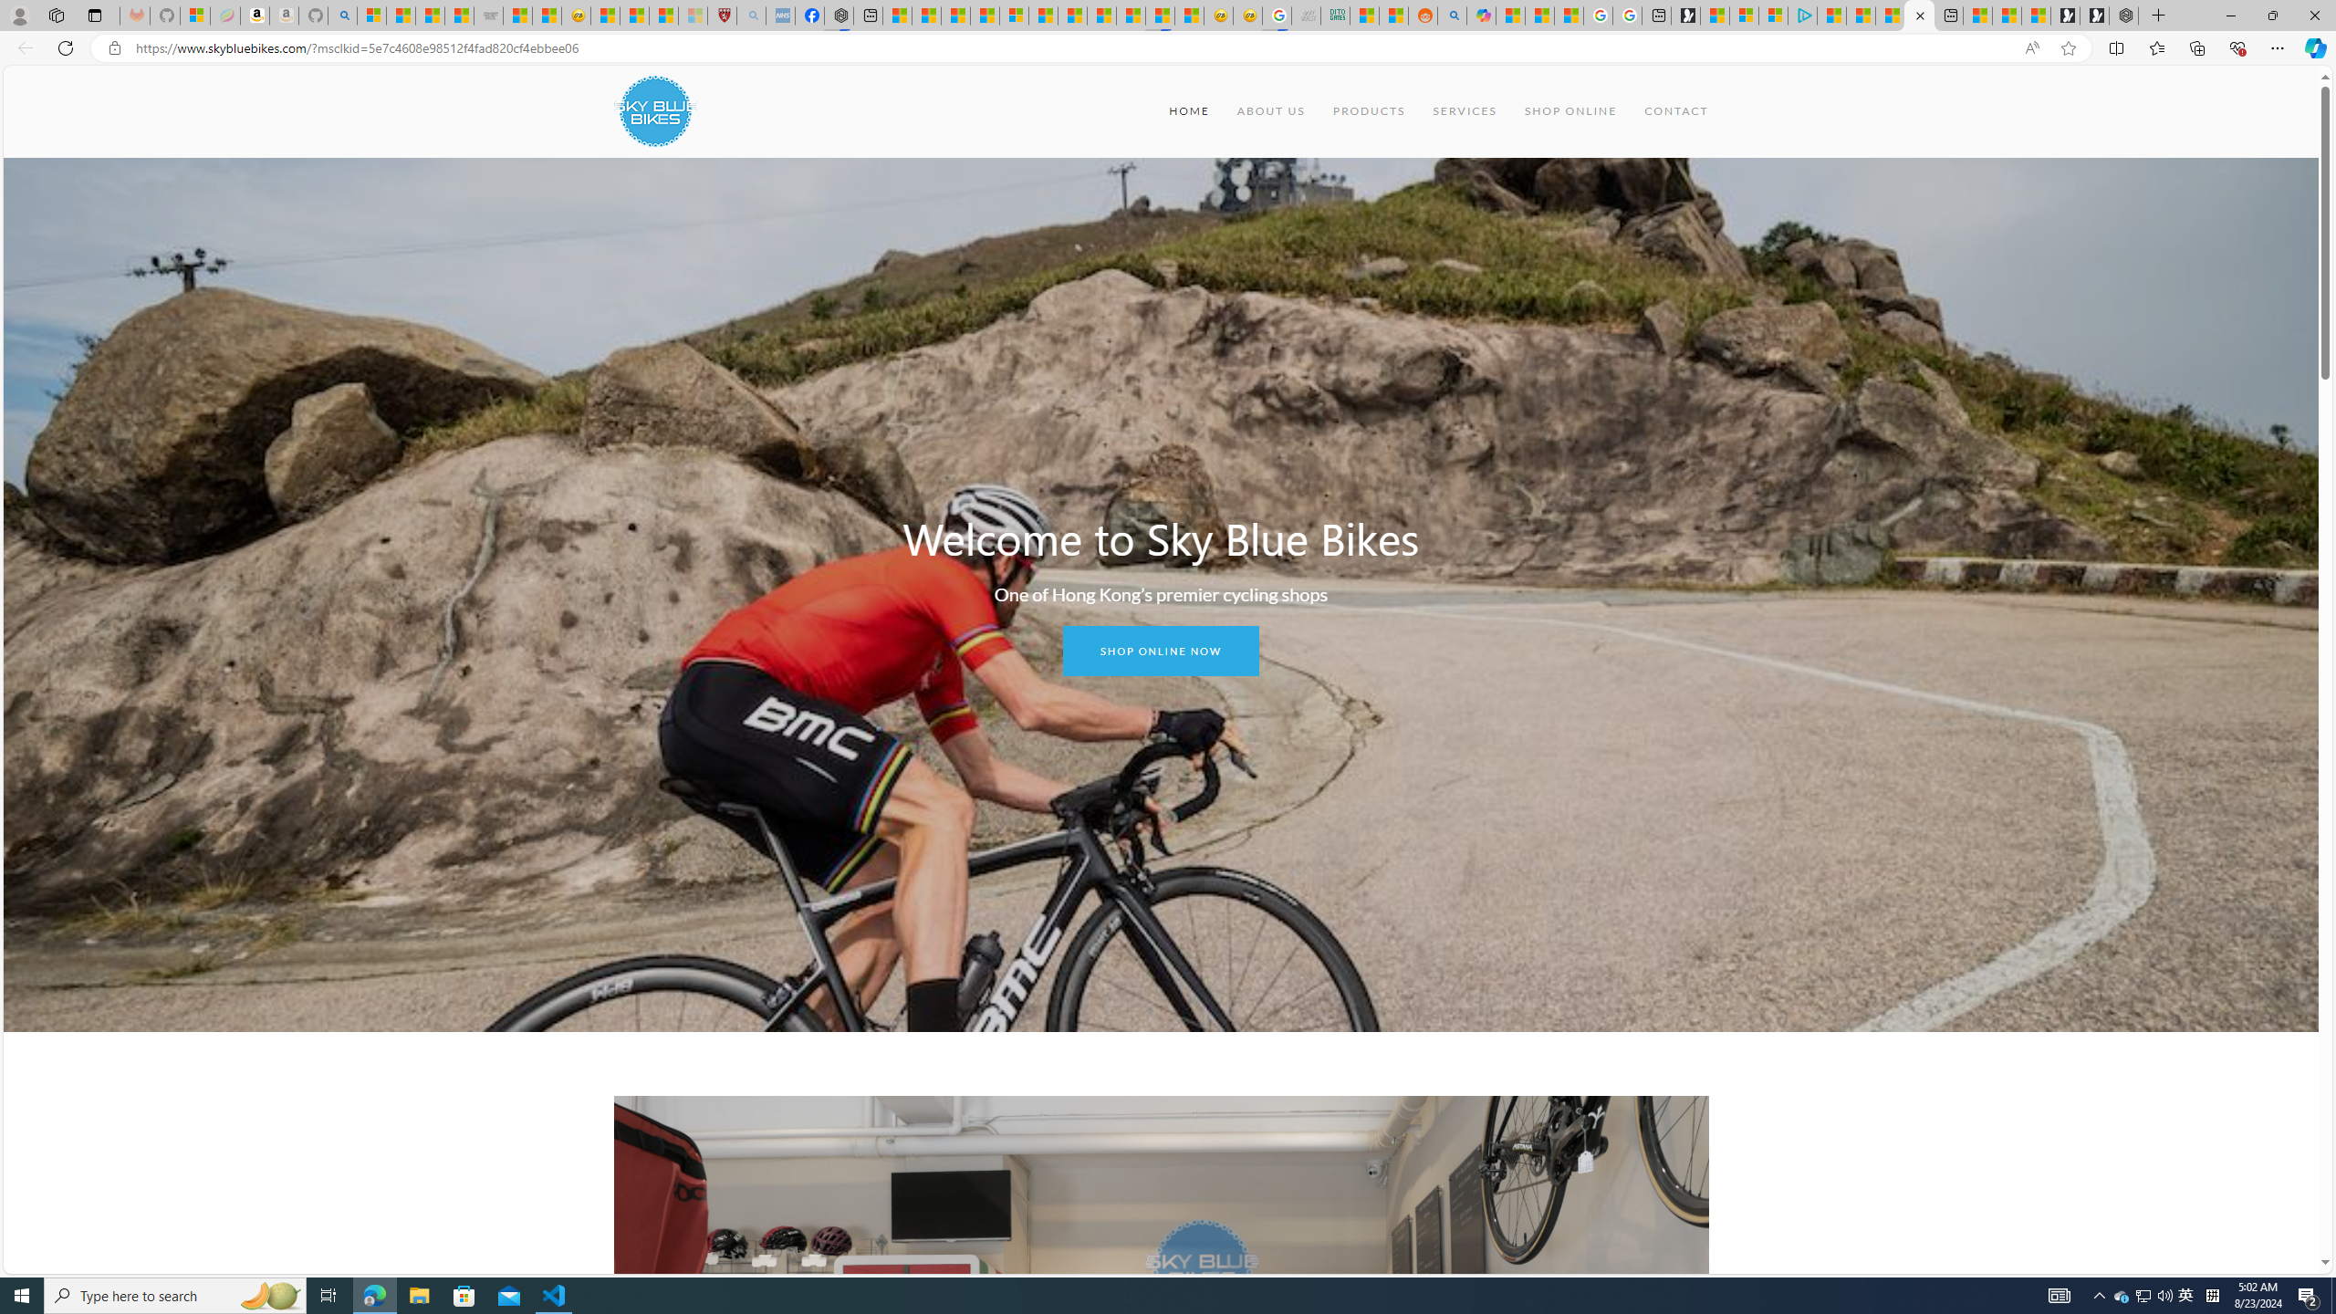 The height and width of the screenshot is (1314, 2336). I want to click on 'NCL Adult Asthma Inhaler Choice Guideline - Sleeping', so click(781, 15).